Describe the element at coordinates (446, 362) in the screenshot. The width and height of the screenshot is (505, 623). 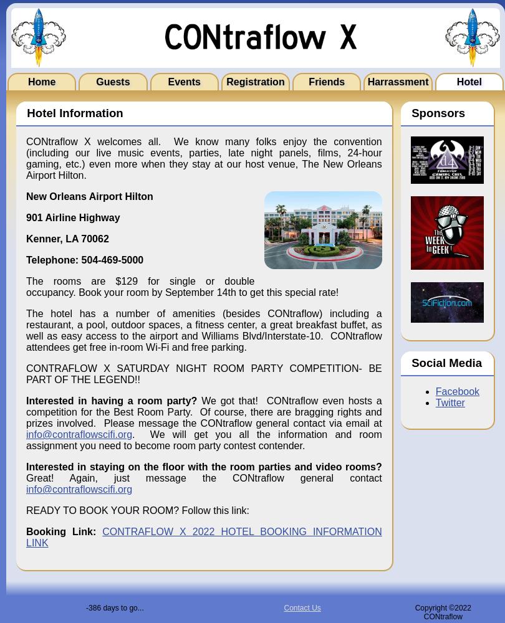
I see `'Social Media'` at that location.